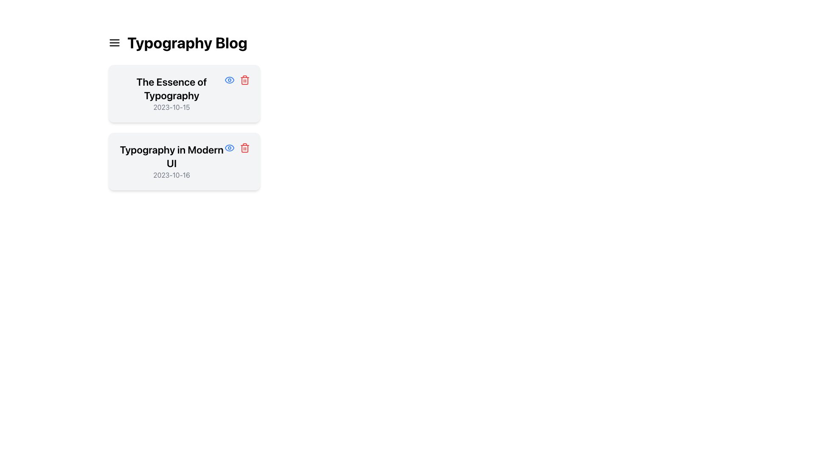  What do you see at coordinates (230, 147) in the screenshot?
I see `the view button located in the second card of the vertically stacked list, positioned to the right of a red trash bin icon` at bounding box center [230, 147].